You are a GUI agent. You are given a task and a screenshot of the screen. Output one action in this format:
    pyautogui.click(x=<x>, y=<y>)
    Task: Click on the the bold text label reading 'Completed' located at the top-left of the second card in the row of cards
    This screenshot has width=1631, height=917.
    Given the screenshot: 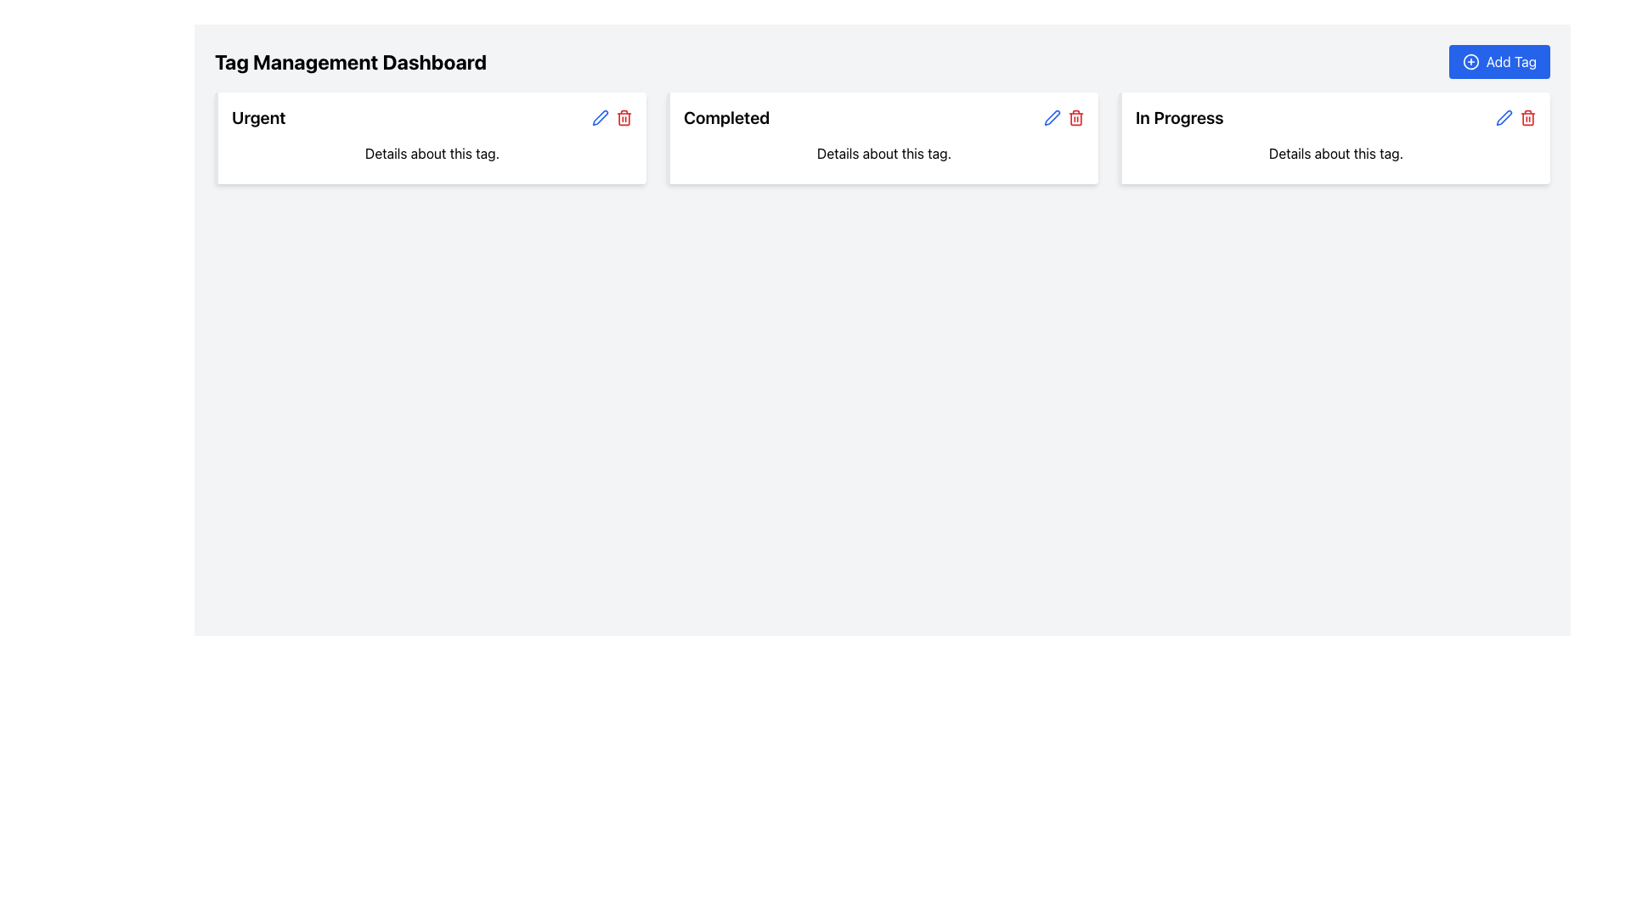 What is the action you would take?
    pyautogui.click(x=726, y=116)
    